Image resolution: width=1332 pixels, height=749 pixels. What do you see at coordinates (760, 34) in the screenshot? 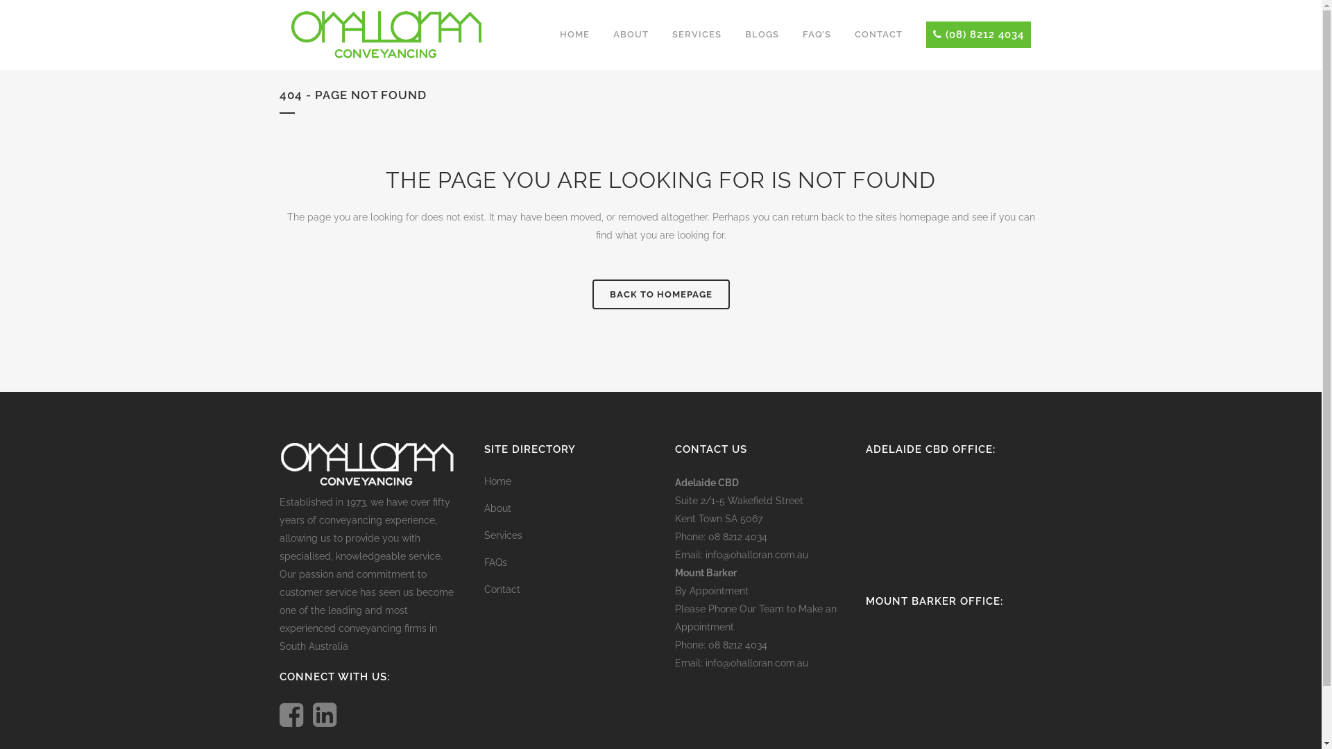
I see `'BLOGS'` at bounding box center [760, 34].